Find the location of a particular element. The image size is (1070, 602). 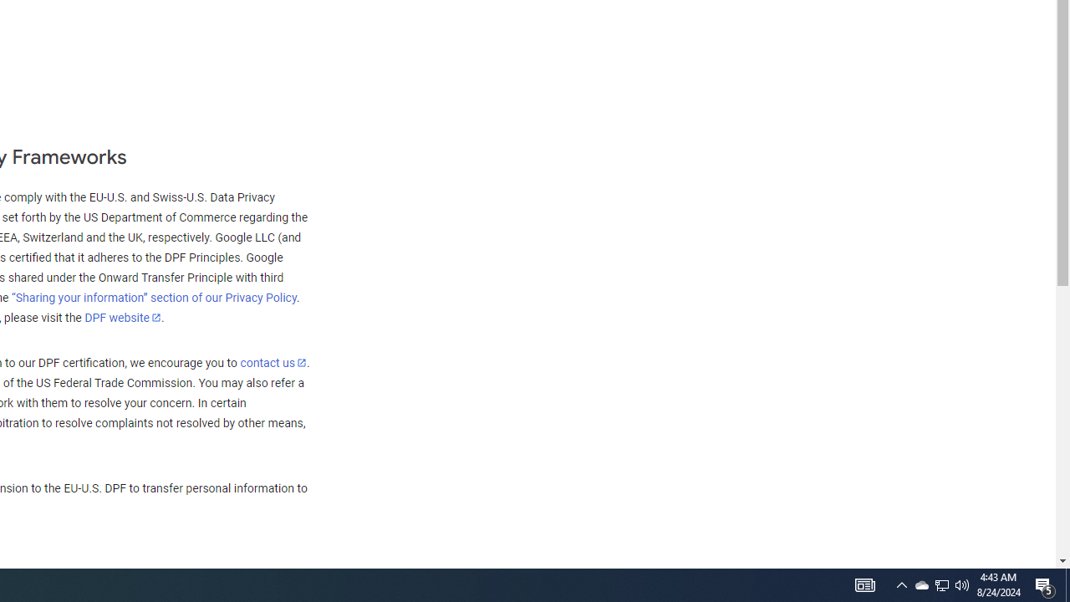

'contact us' is located at coordinates (273, 361).